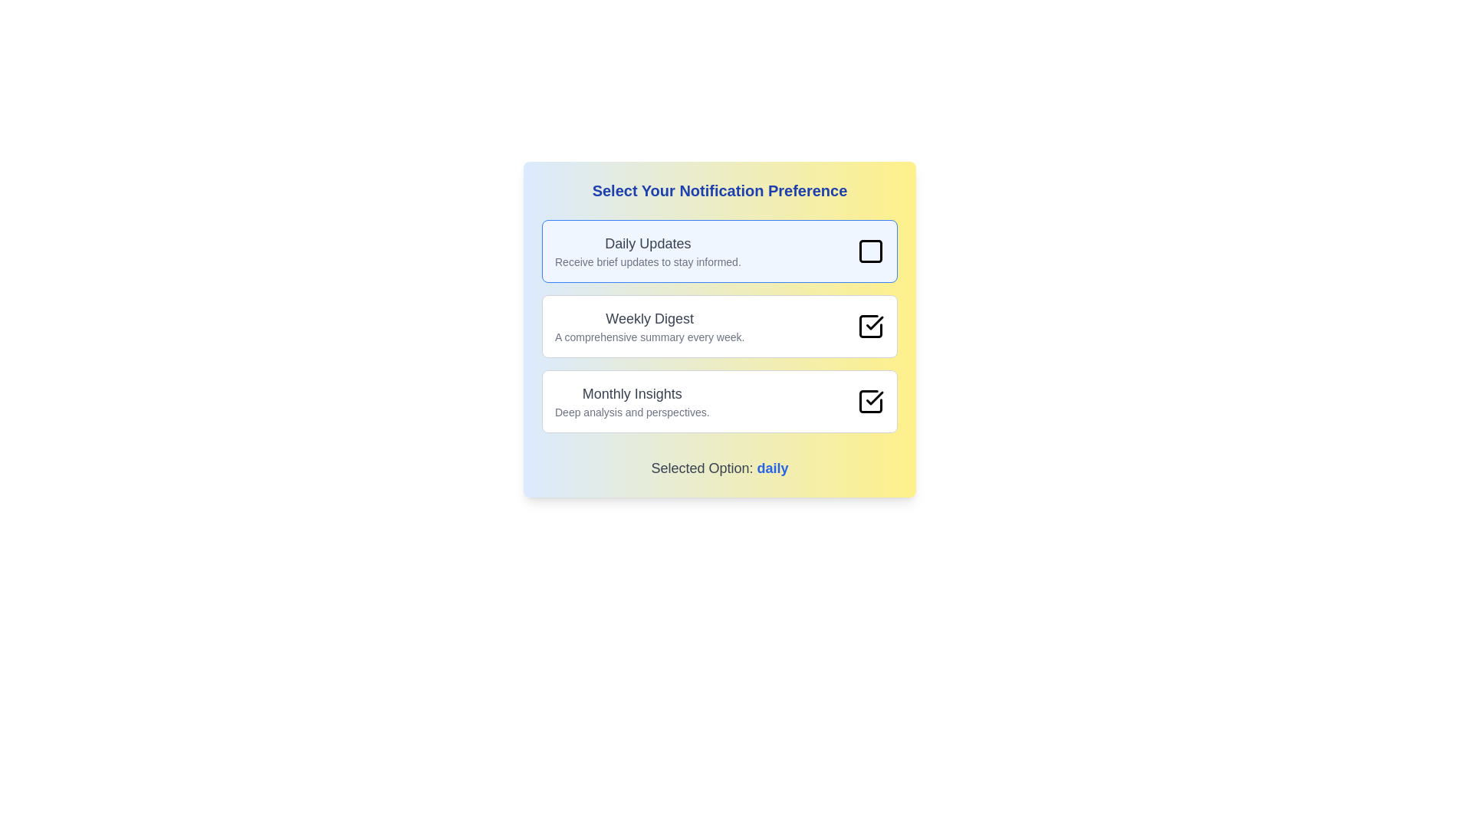 This screenshot has height=828, width=1472. I want to click on the checkbox for the 'Daily Updates' option, so click(871, 250).